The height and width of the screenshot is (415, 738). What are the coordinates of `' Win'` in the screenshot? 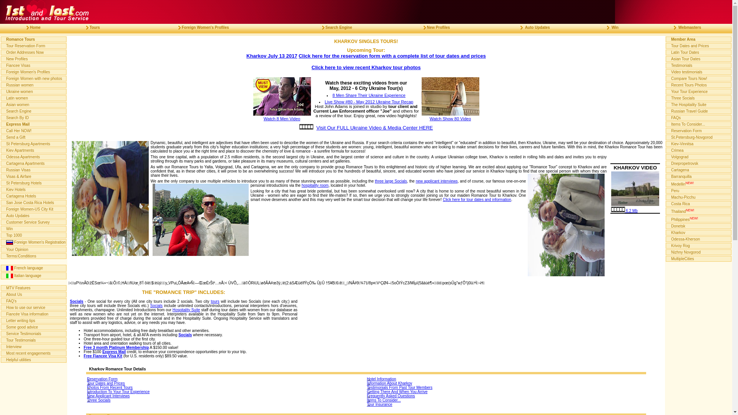 It's located at (609, 27).